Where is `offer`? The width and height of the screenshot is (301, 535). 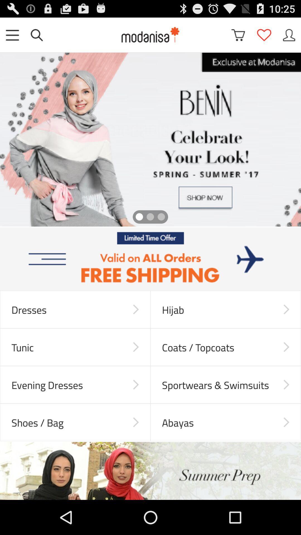 offer is located at coordinates (151, 259).